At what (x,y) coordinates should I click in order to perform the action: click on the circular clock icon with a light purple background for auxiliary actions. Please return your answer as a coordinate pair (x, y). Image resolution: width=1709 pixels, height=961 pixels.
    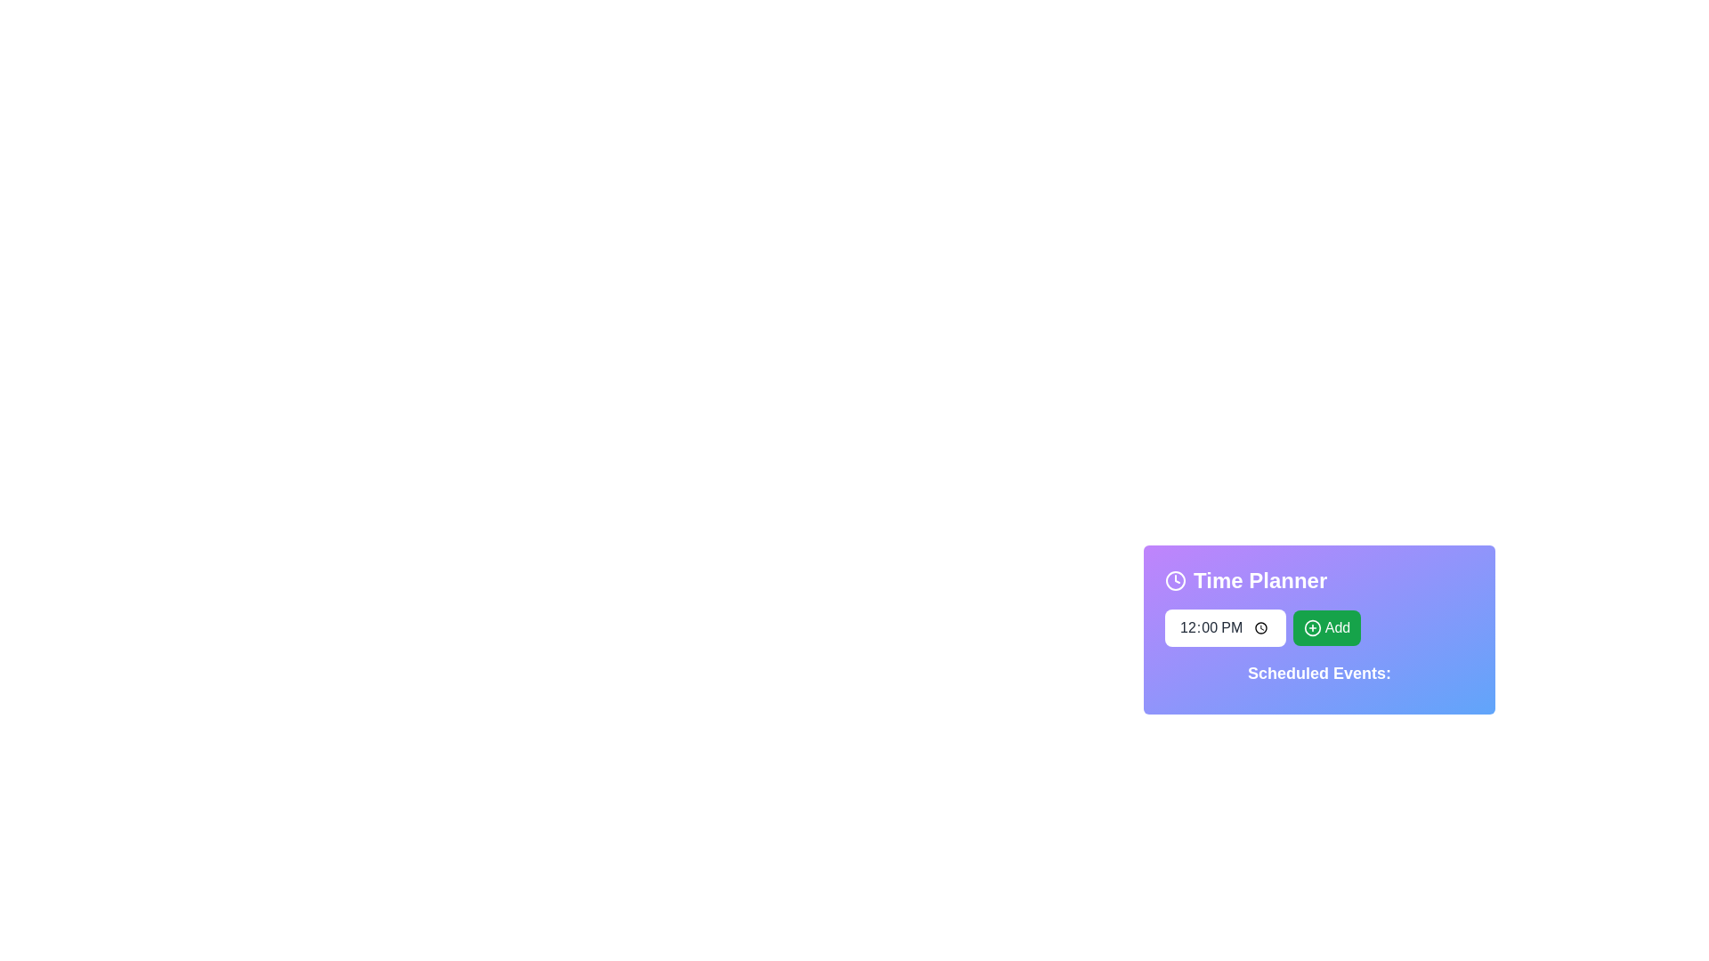
    Looking at the image, I should click on (1175, 580).